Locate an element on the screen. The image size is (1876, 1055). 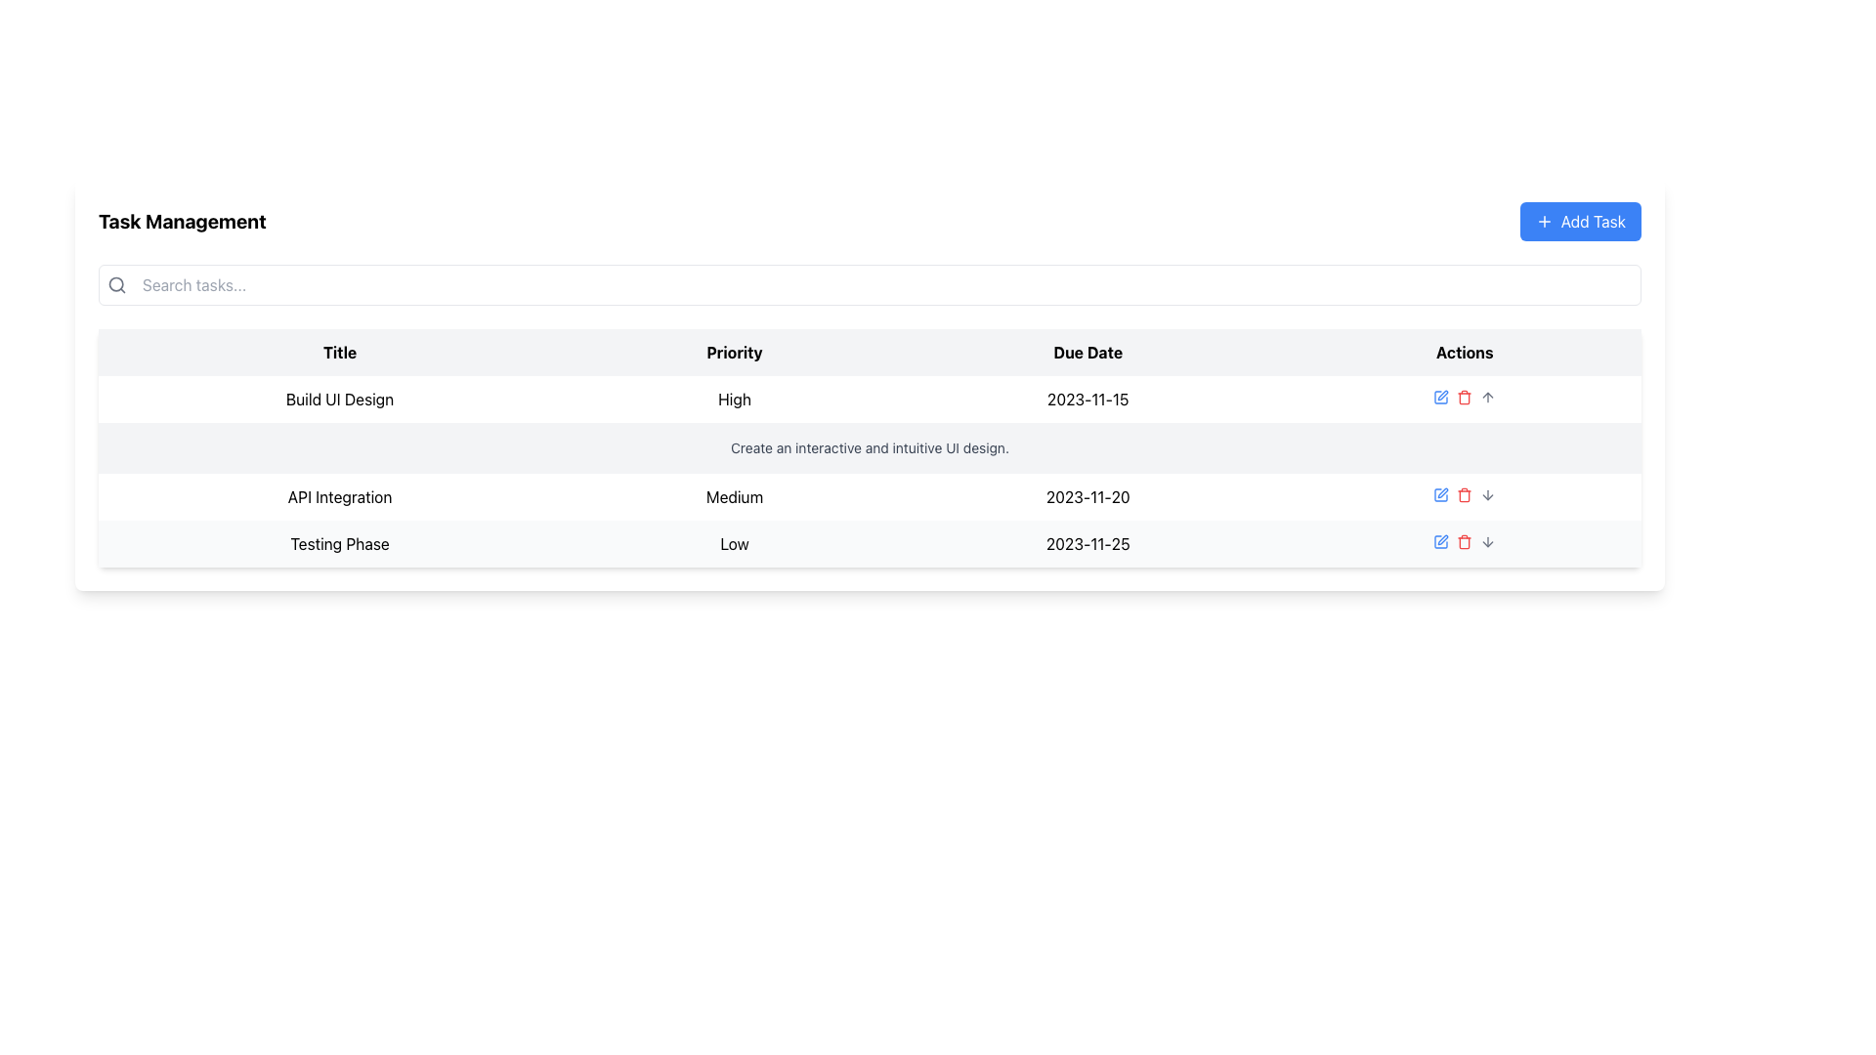
the Text element in the 'Title' column of the data table to focus on it is located at coordinates (339, 543).